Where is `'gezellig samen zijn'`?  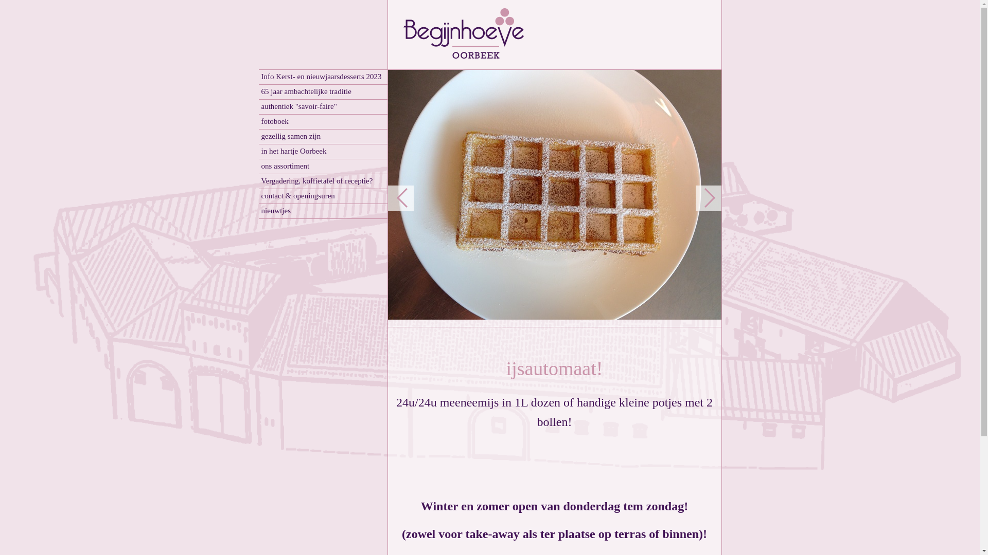
'gezellig samen zijn' is located at coordinates (322, 136).